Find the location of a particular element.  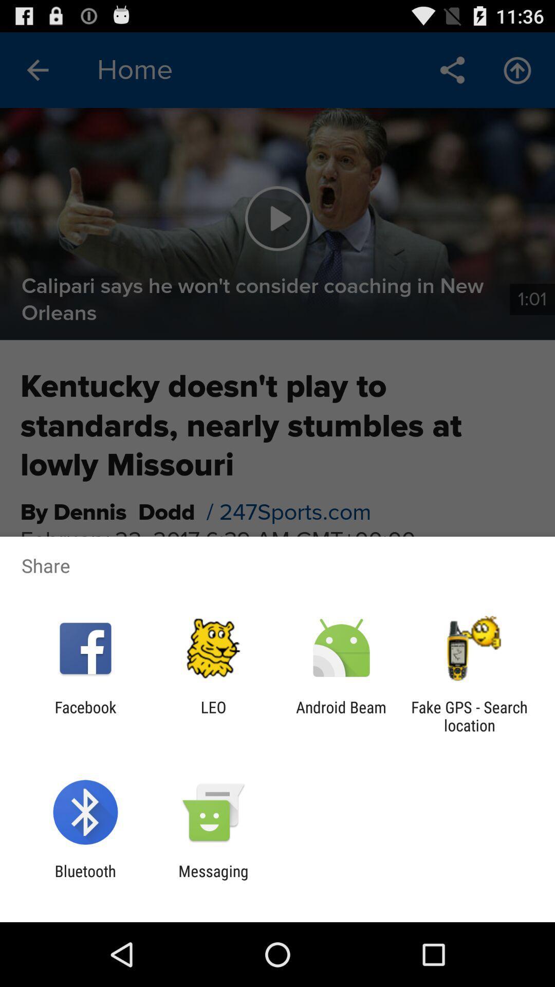

icon next to the leo item is located at coordinates (341, 716).